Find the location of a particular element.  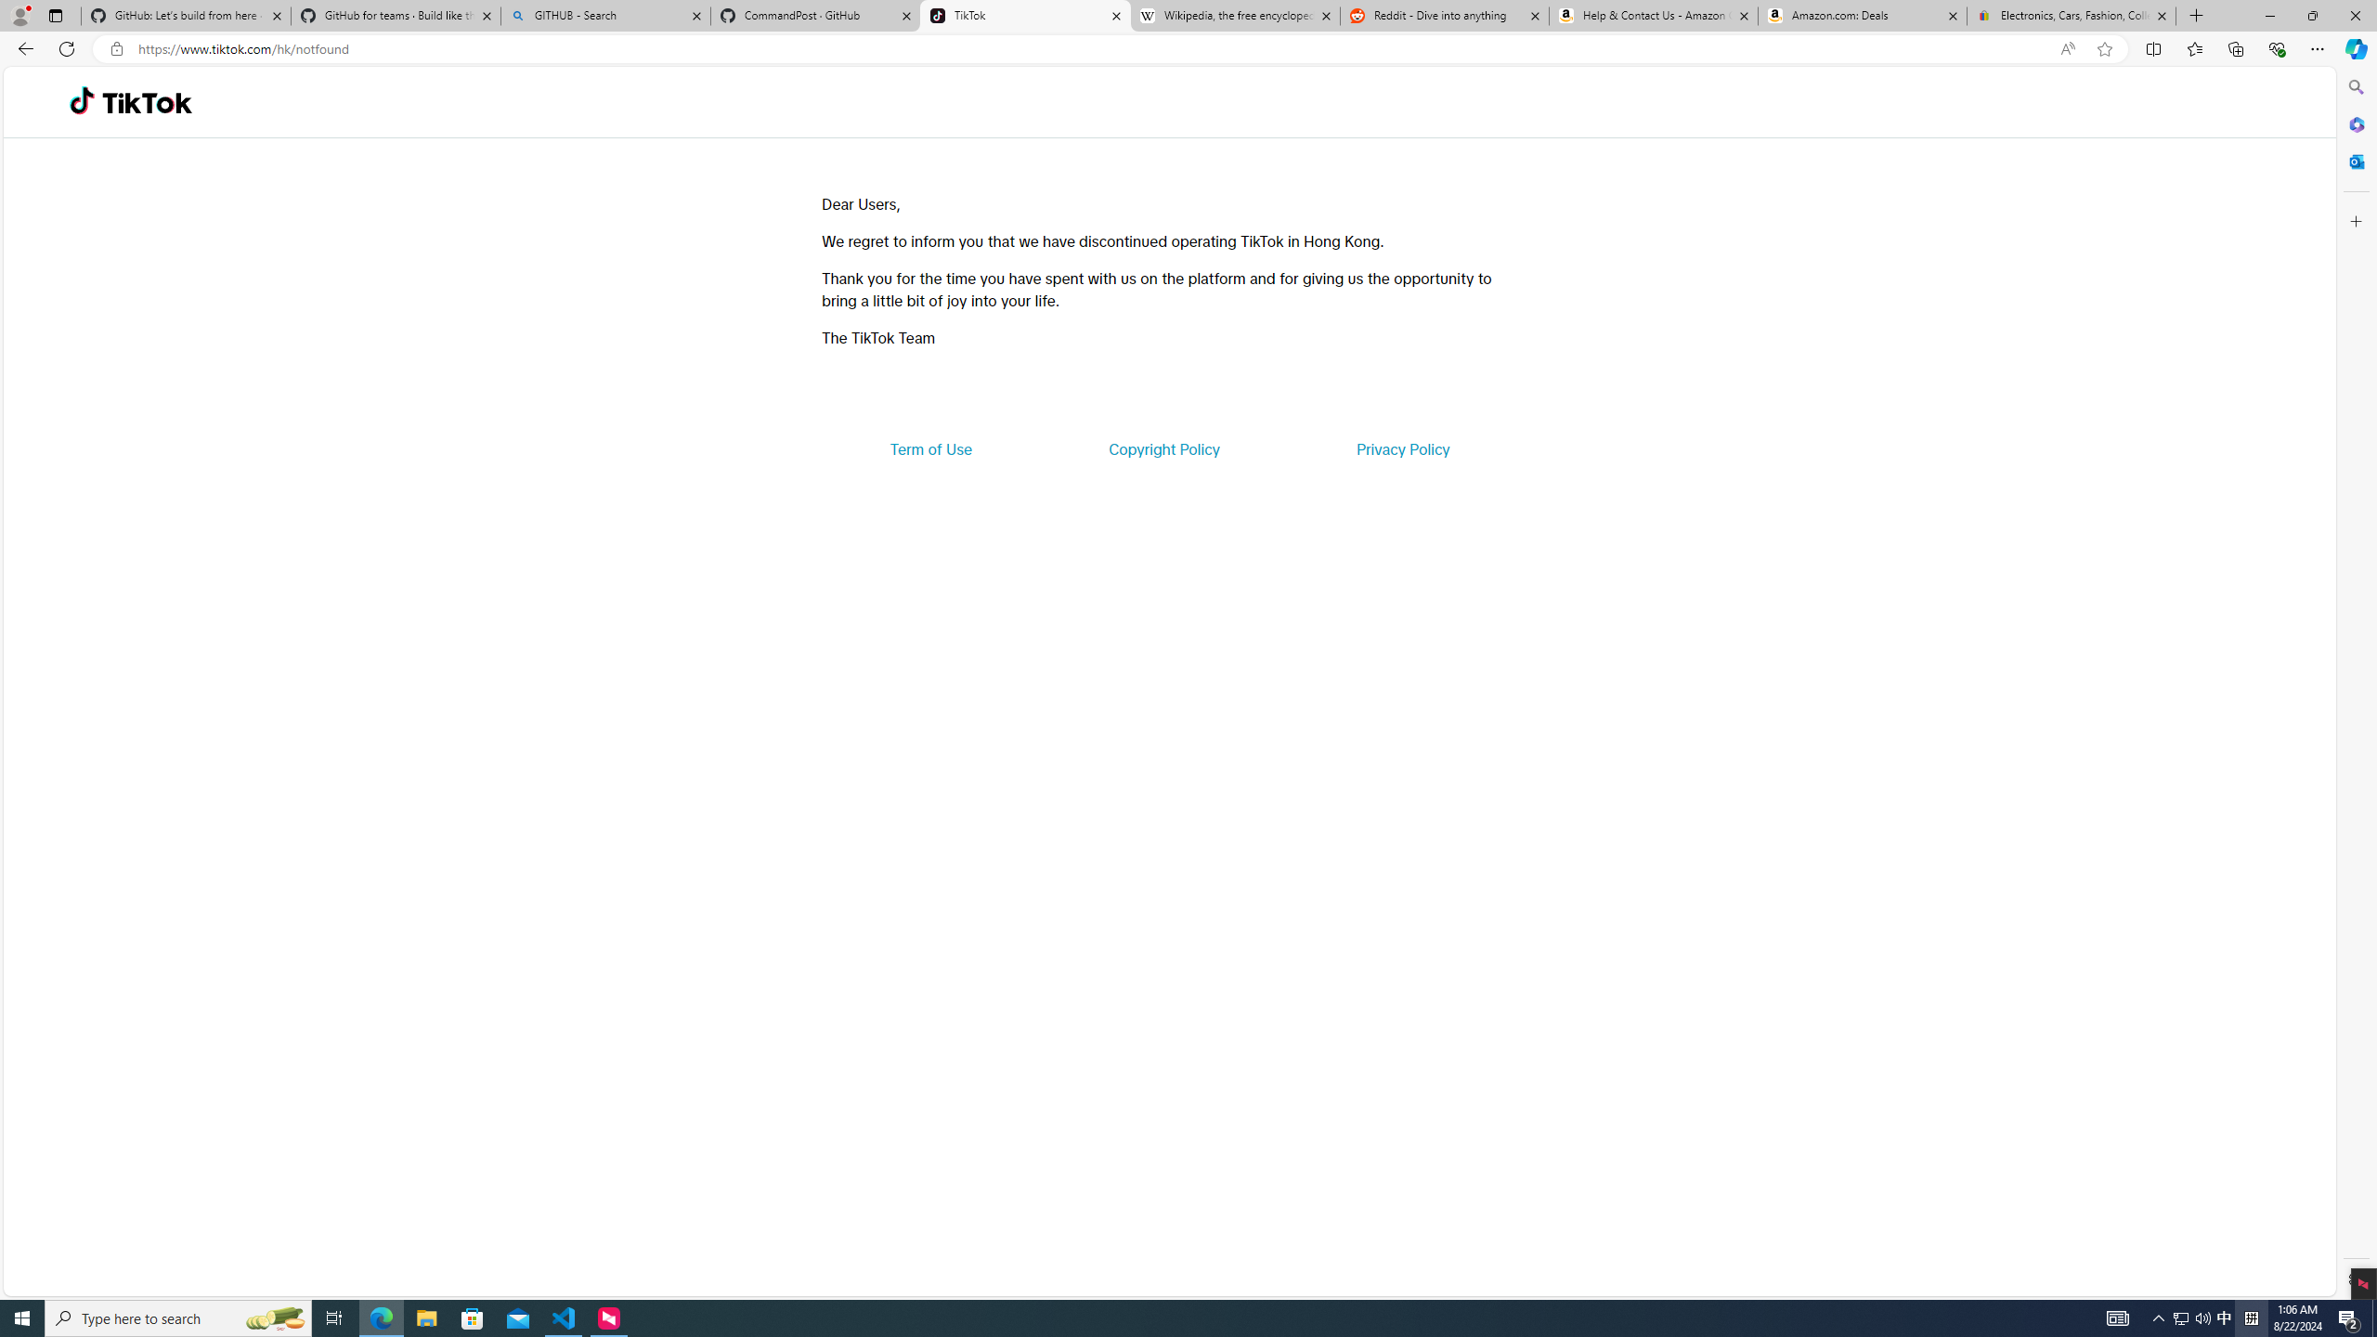

'Microsoft 365' is located at coordinates (2354, 124).